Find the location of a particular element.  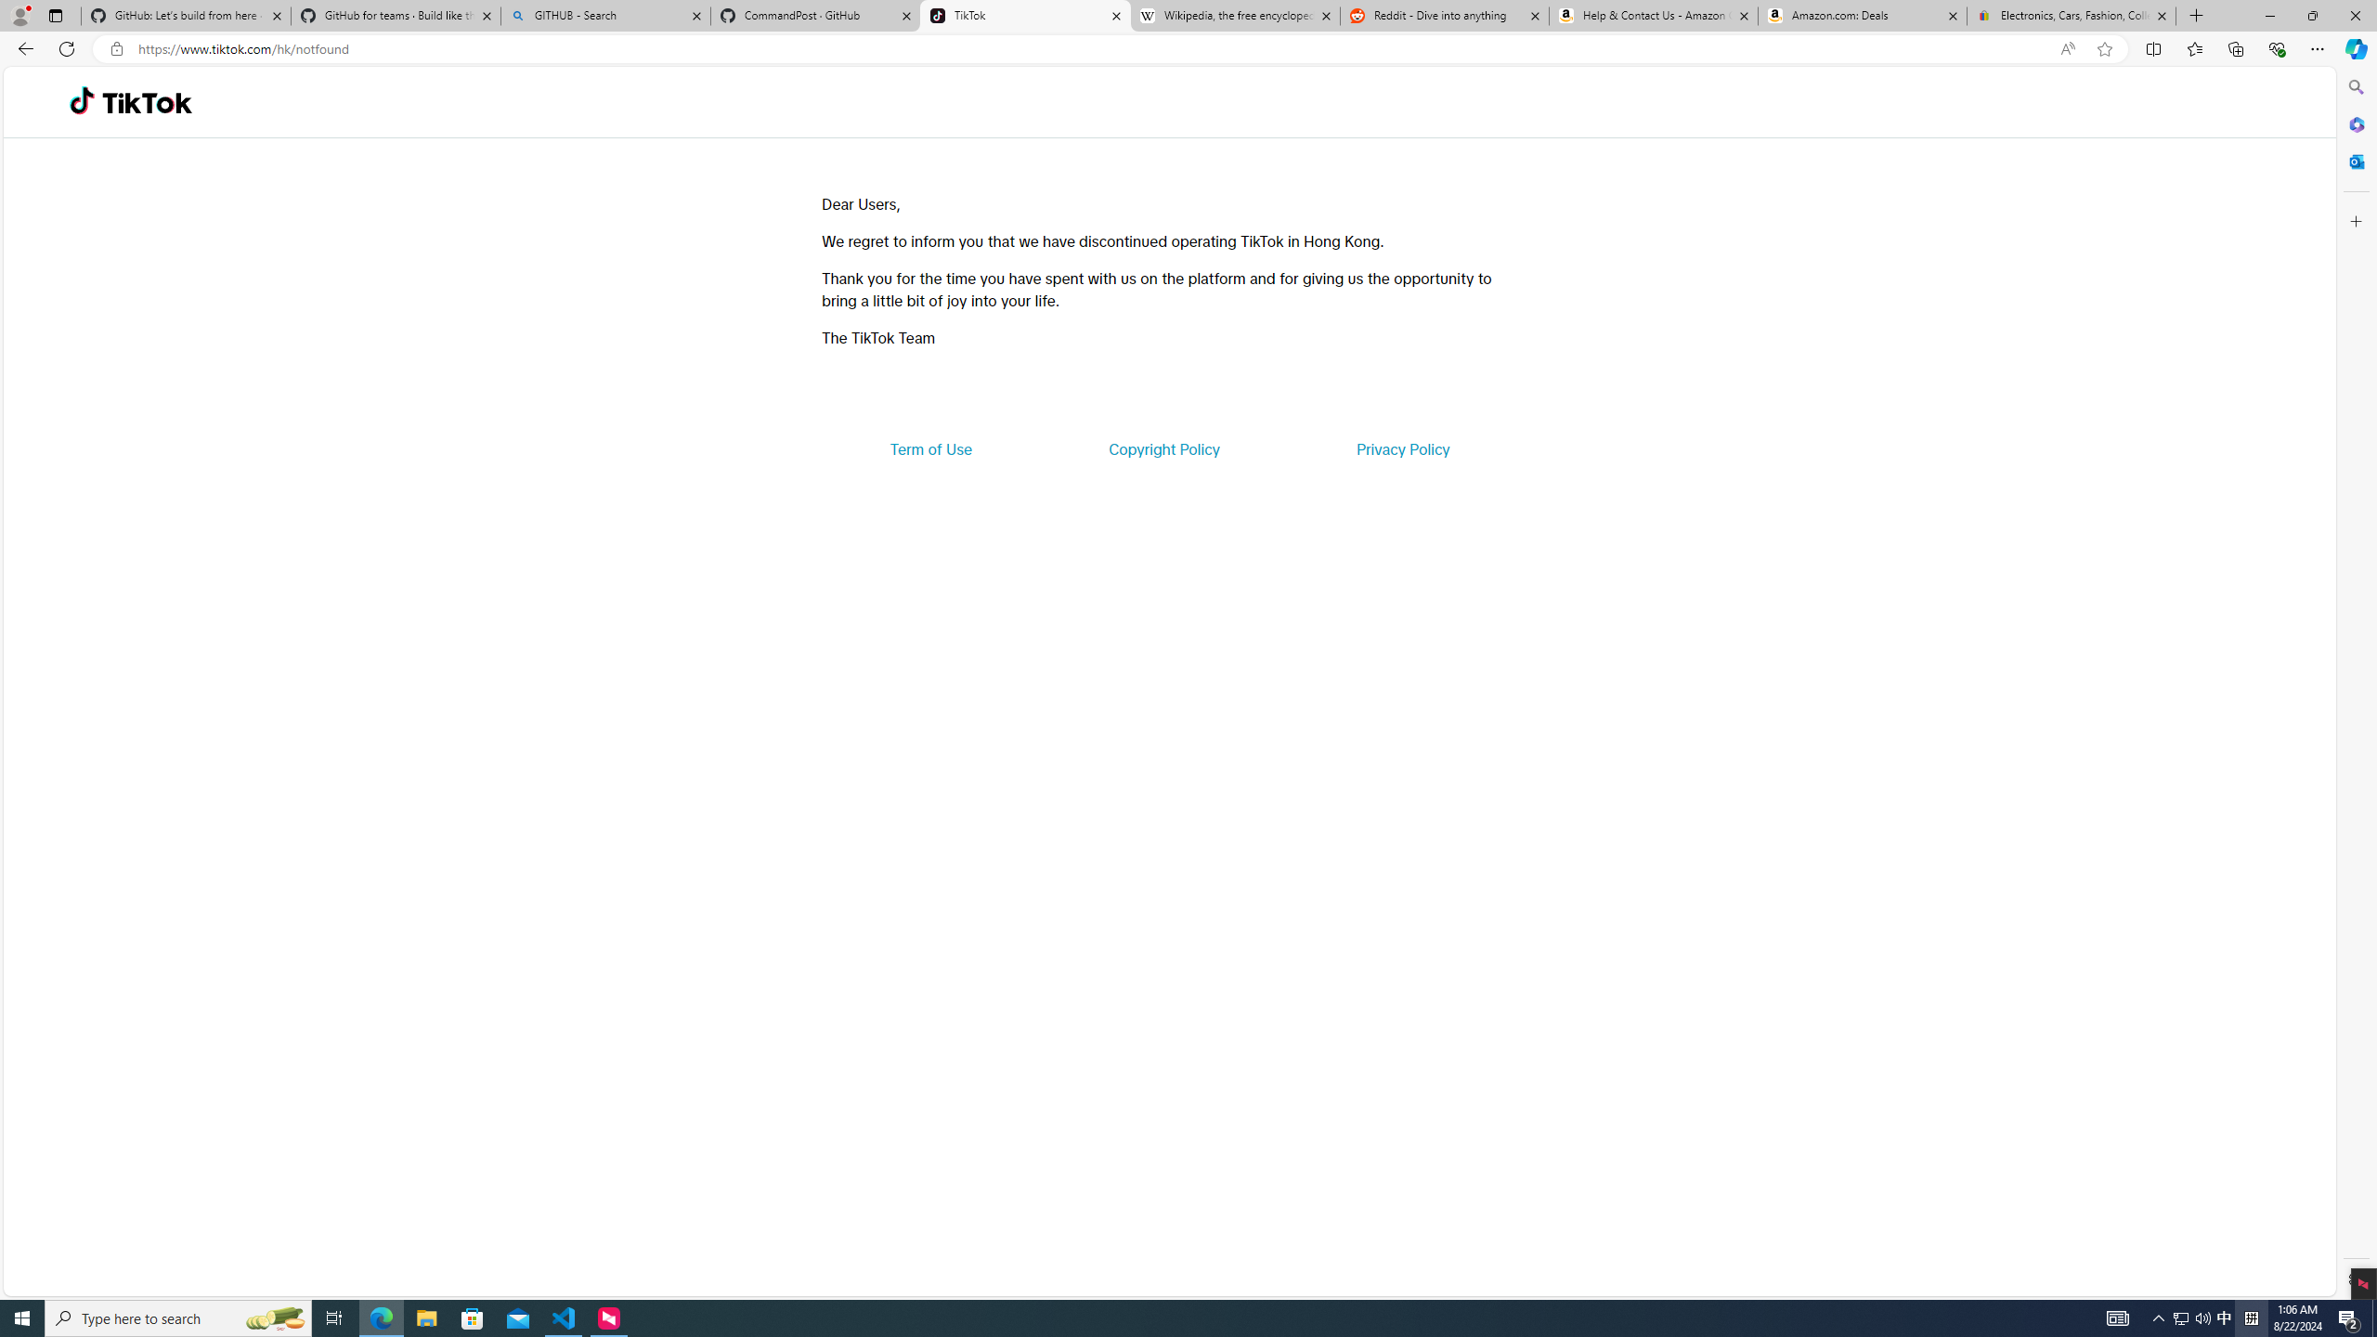

'Microsoft 365' is located at coordinates (2354, 124).